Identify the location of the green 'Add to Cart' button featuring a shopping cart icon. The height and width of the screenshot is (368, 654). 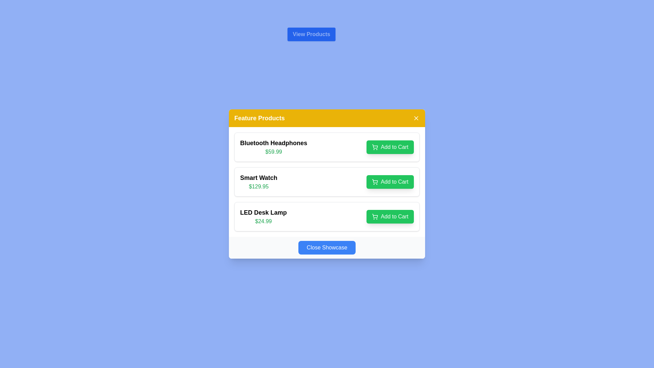
(390, 181).